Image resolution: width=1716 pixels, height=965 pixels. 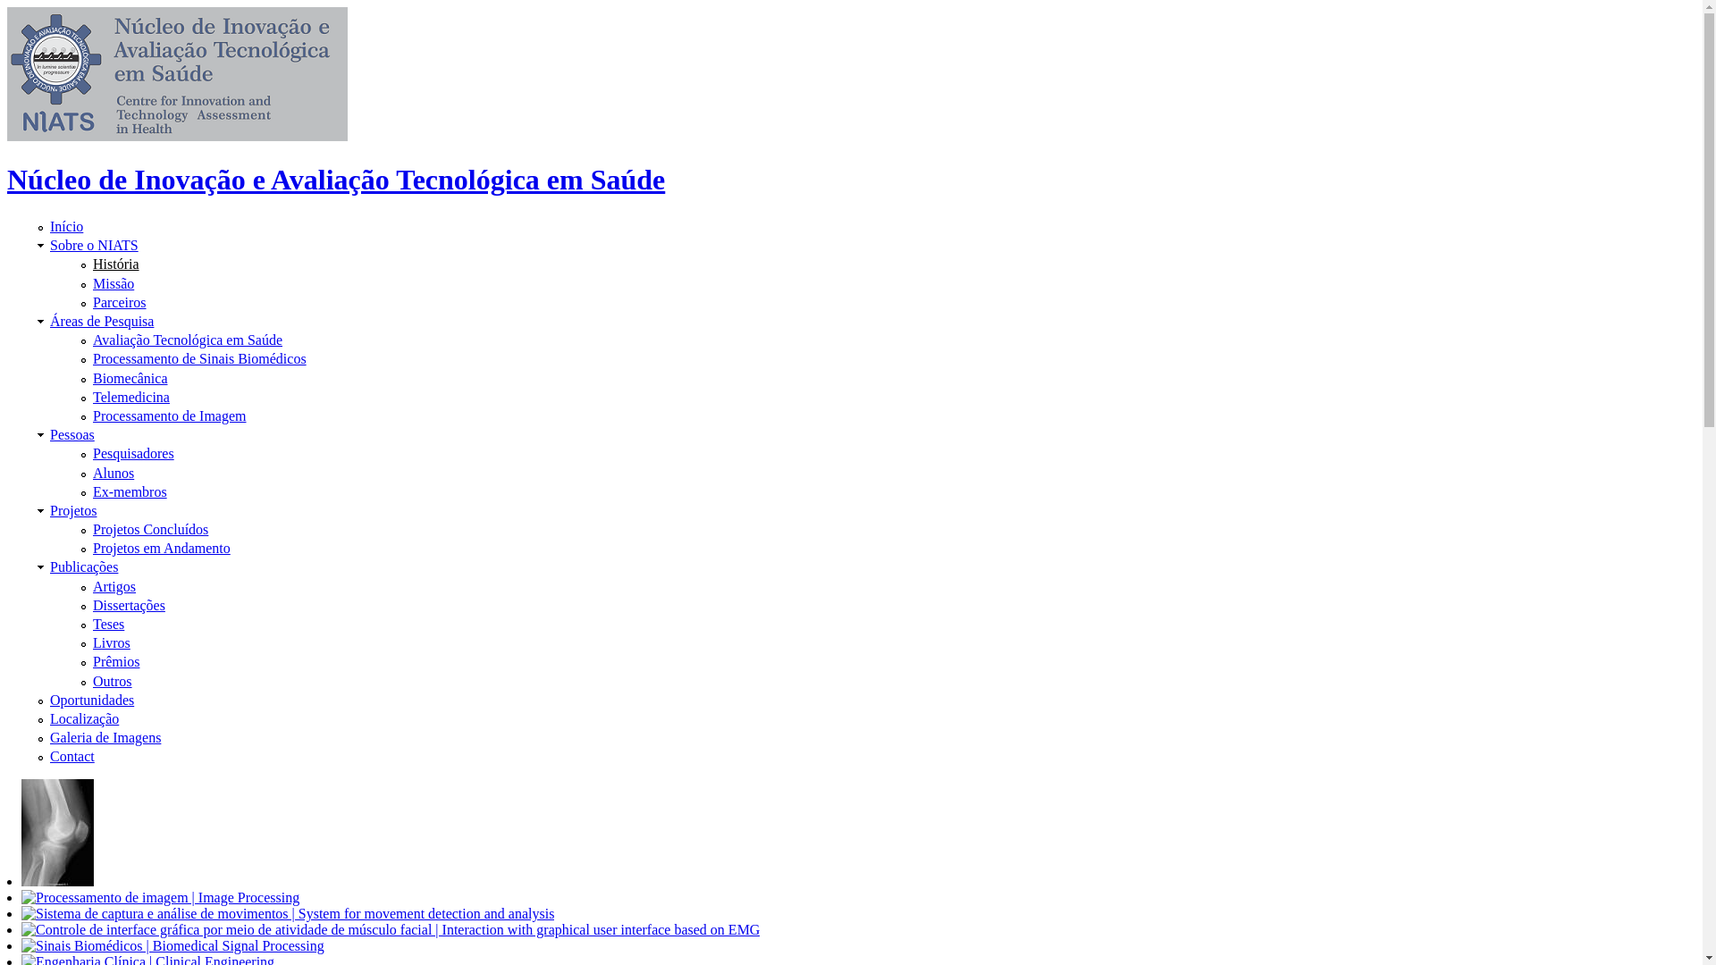 What do you see at coordinates (110, 642) in the screenshot?
I see `'Livros'` at bounding box center [110, 642].